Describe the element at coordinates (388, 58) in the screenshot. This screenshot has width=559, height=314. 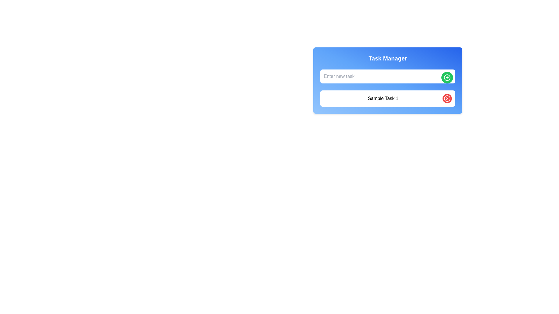
I see `text of the header 'Task Manager' displayed in bold white font against a gradient blue background, located at the top of the card-like structure` at that location.